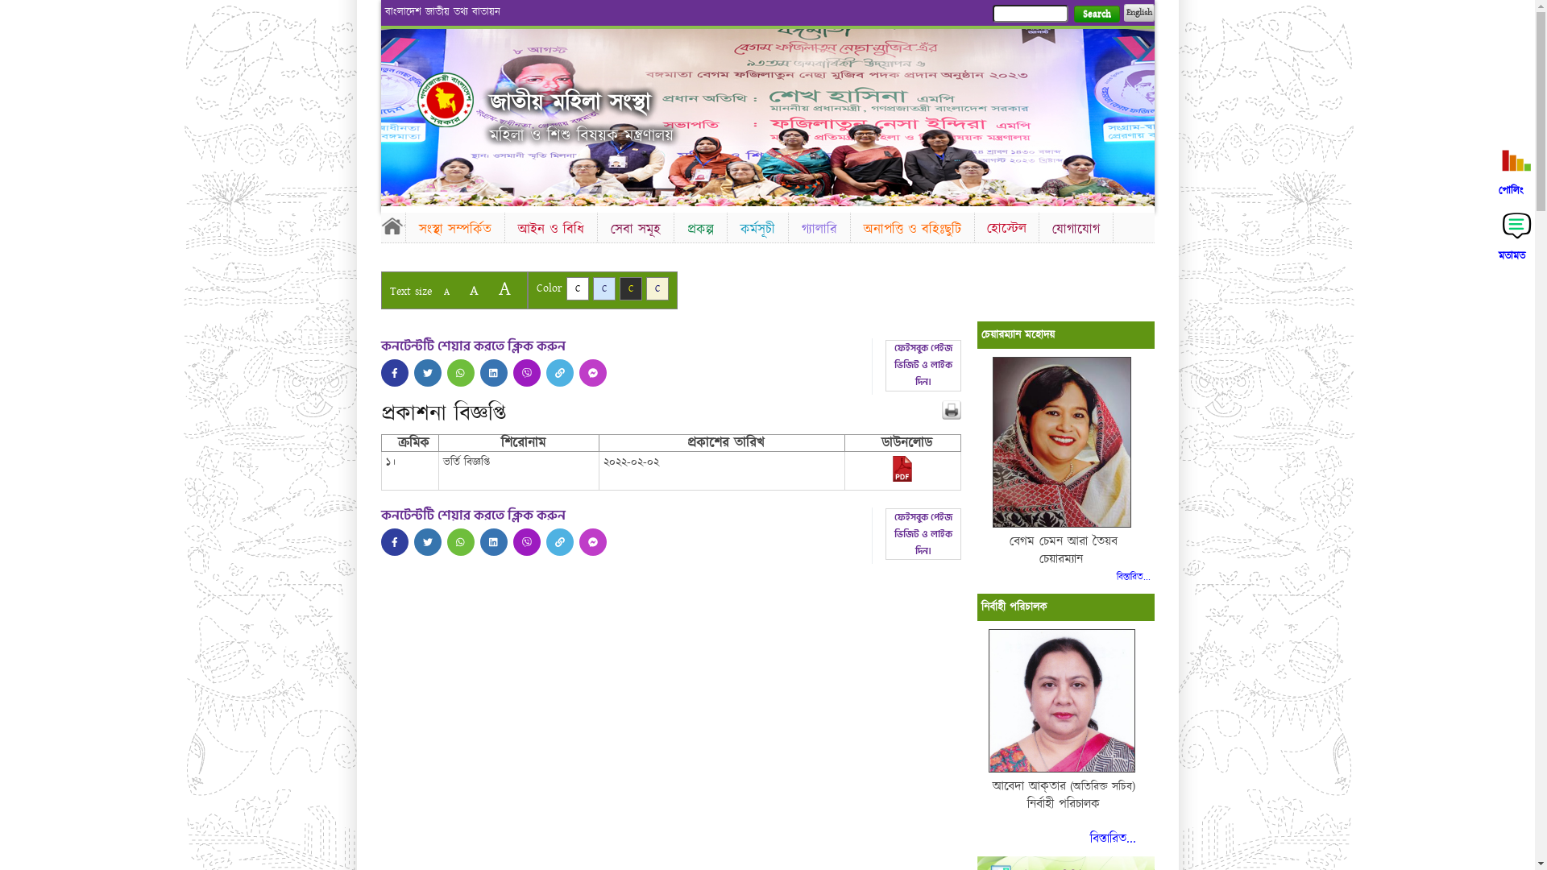 The image size is (1547, 870). What do you see at coordinates (901, 478) in the screenshot?
I see `'2022-02-08-11-14-c6dc33df17de783cff44c6feb566255a.pdf'` at bounding box center [901, 478].